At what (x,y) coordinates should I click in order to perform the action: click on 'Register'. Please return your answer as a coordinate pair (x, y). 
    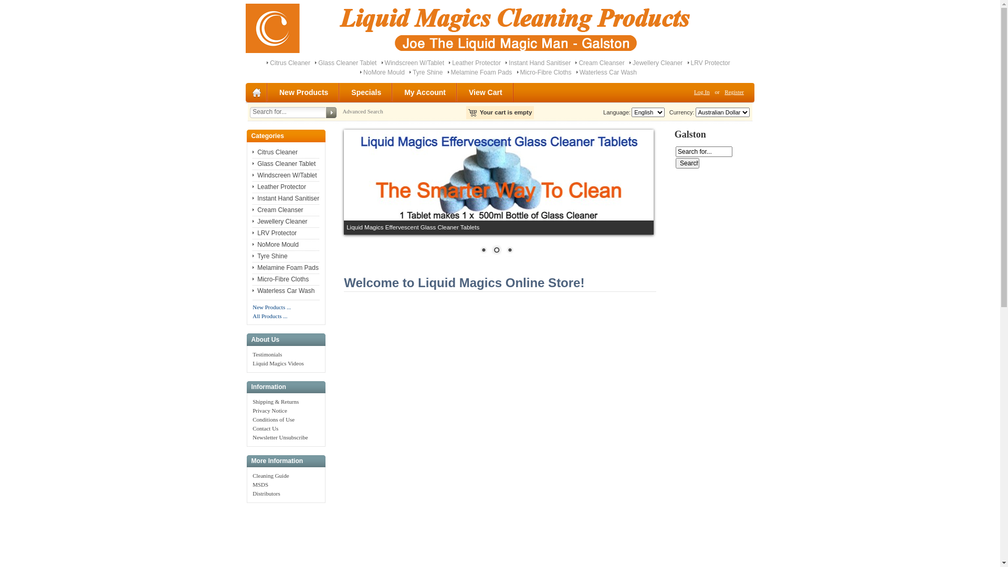
    Looking at the image, I should click on (720, 91).